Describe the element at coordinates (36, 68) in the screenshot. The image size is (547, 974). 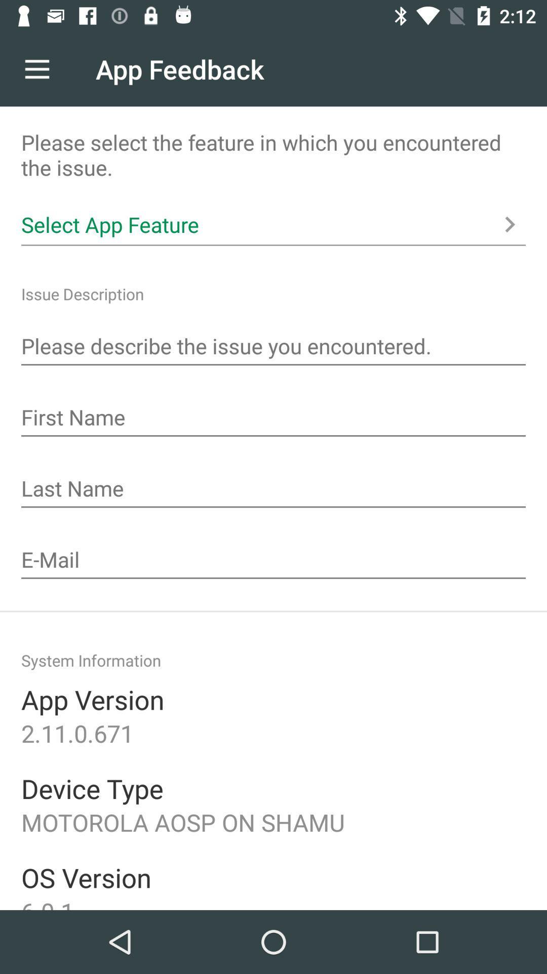
I see `item next to app feedback item` at that location.